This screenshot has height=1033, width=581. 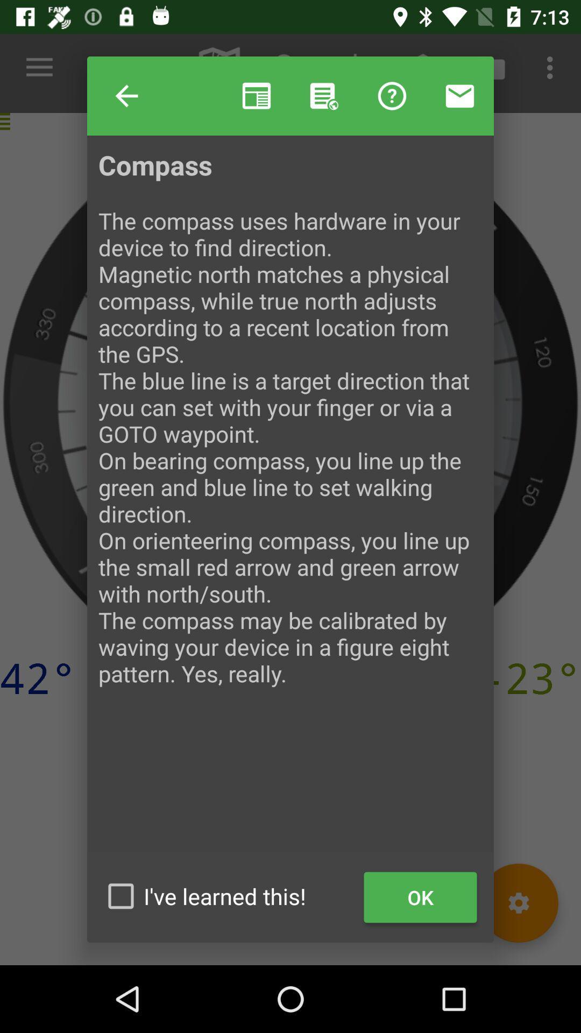 What do you see at coordinates (257, 96) in the screenshot?
I see `the item next to help item` at bounding box center [257, 96].